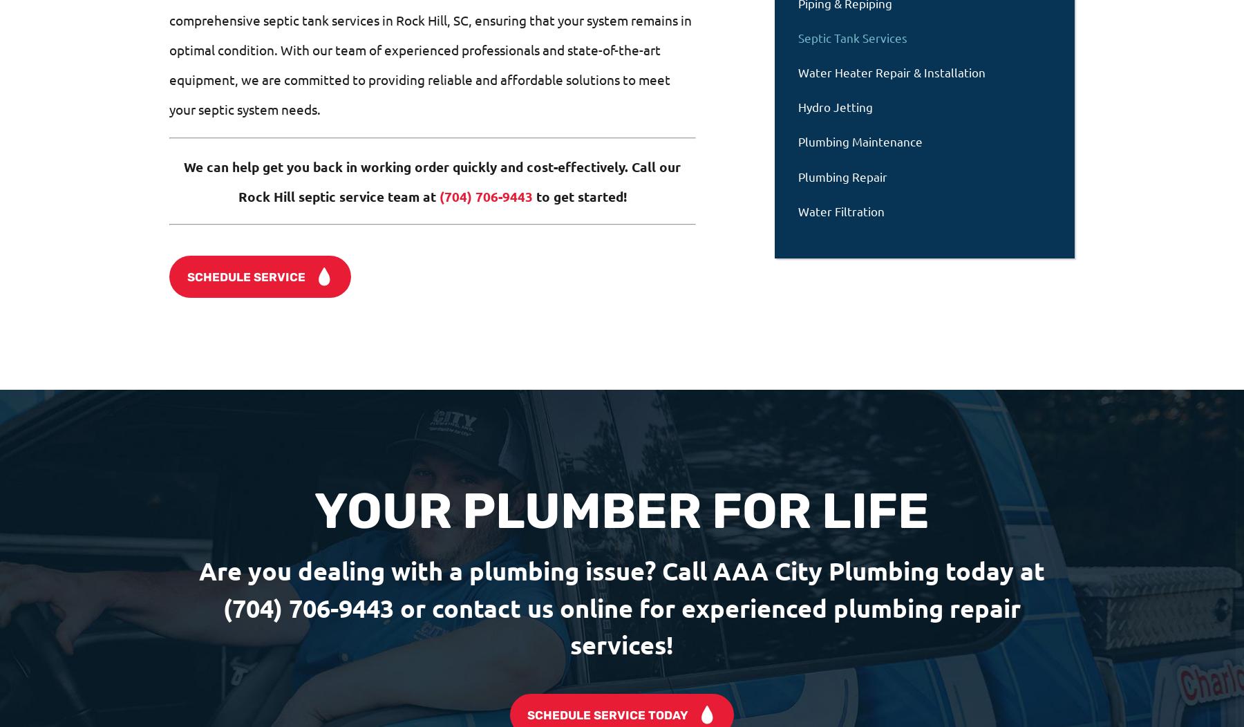  I want to click on 'Locations', so click(612, 535).